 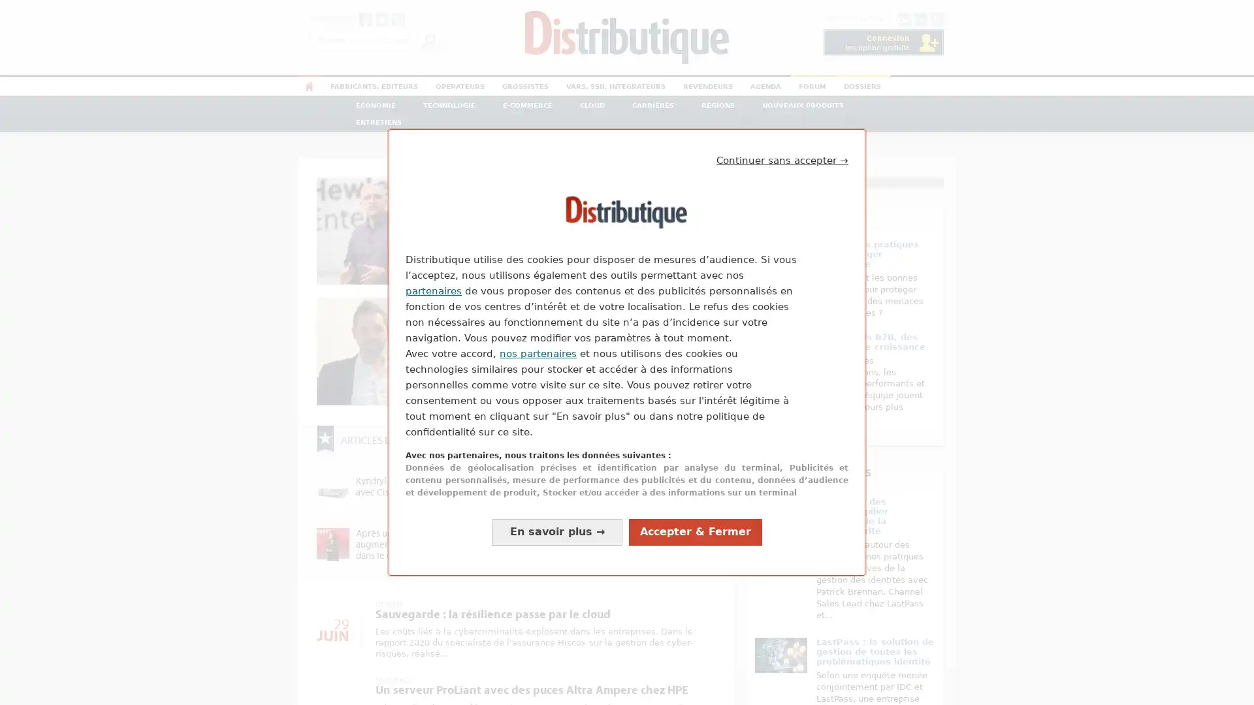 What do you see at coordinates (428, 39) in the screenshot?
I see `Ok` at bounding box center [428, 39].